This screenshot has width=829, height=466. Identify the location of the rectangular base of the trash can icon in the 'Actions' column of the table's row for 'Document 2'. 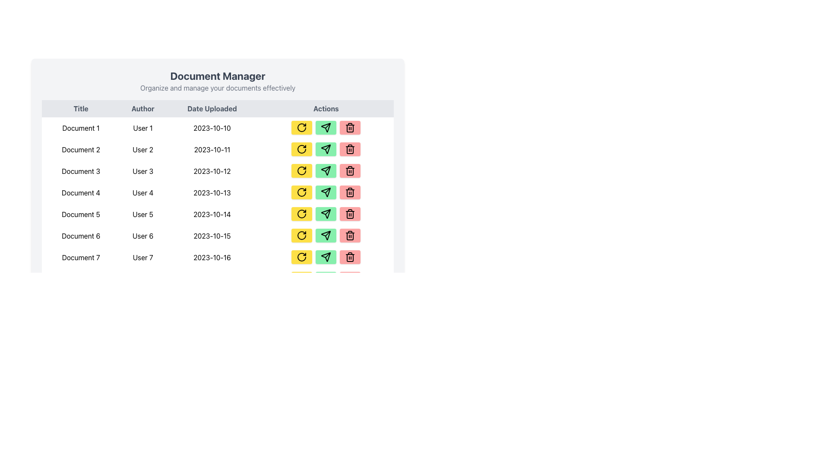
(350, 214).